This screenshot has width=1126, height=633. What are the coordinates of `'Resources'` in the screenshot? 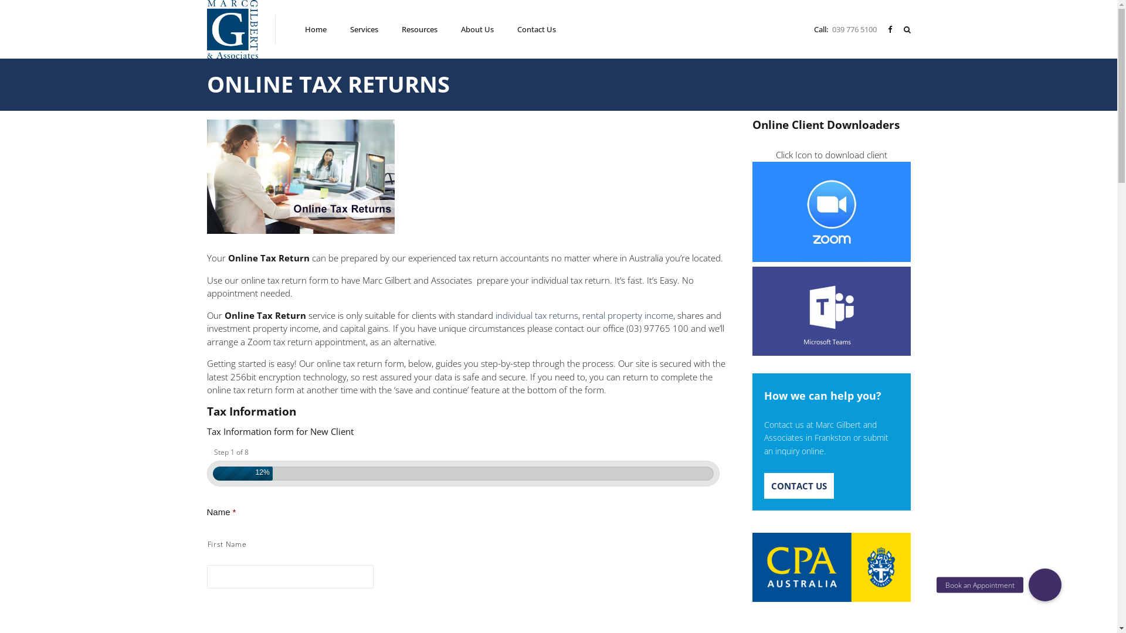 It's located at (419, 29).